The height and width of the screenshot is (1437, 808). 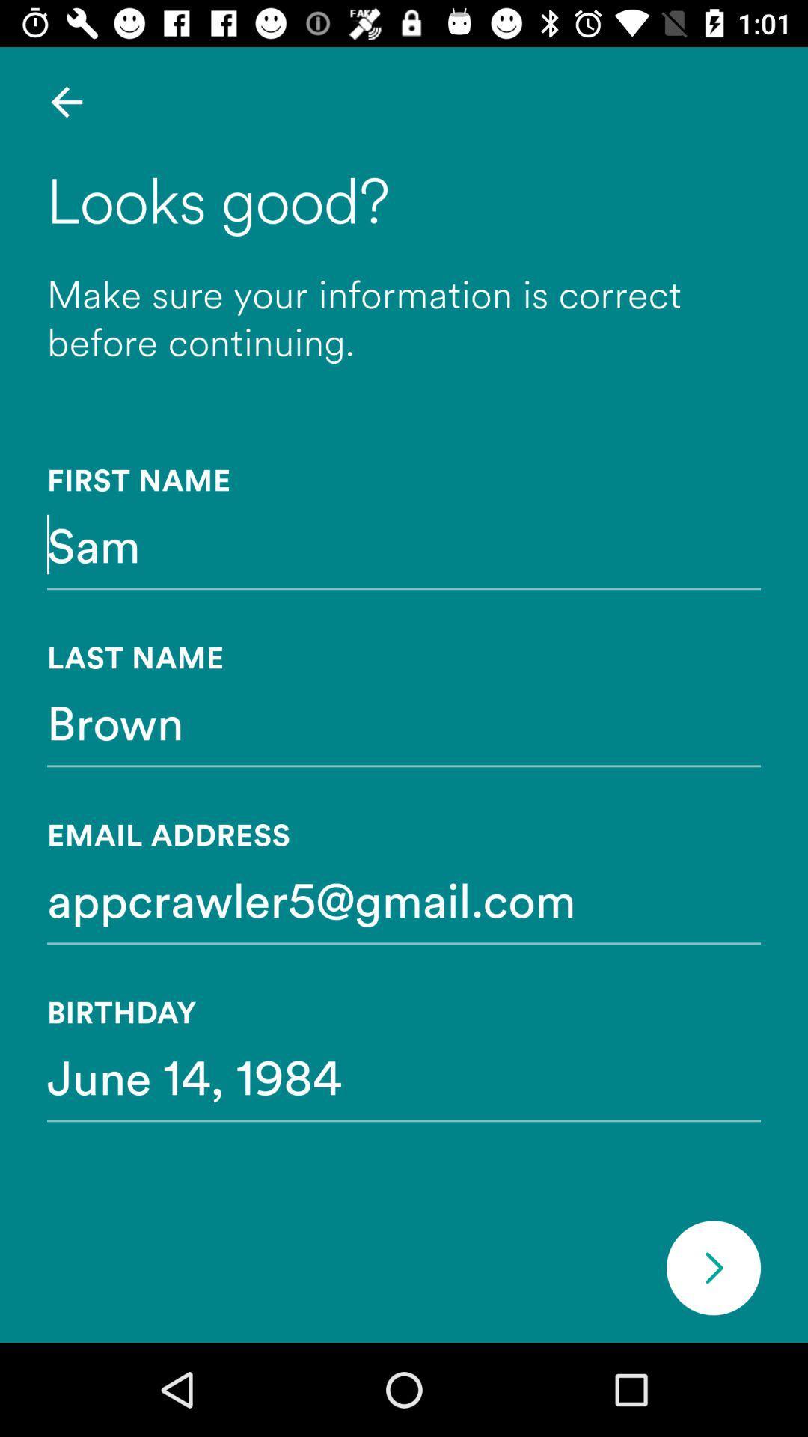 I want to click on the item at the top left corner, so click(x=66, y=101).